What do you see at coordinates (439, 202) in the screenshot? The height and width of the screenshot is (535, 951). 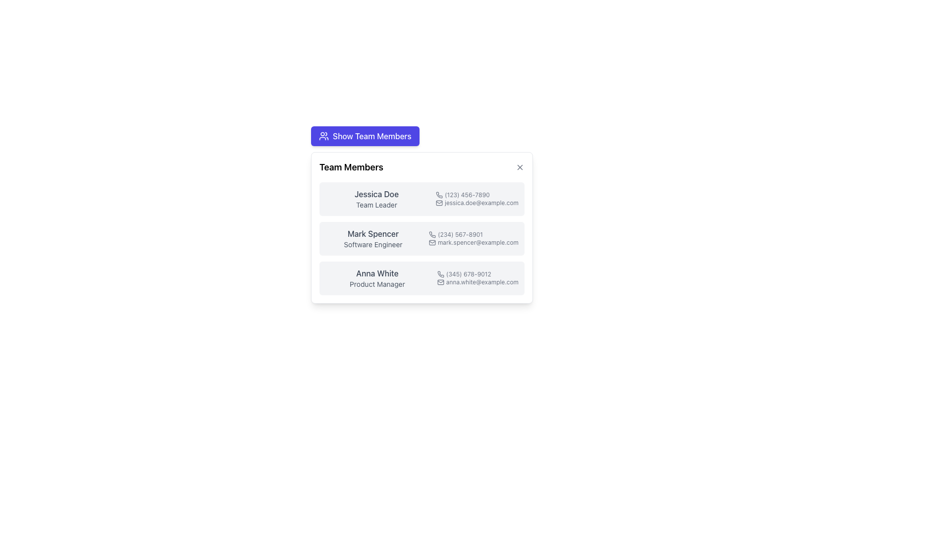 I see `the envelope icon representing email located next to Jessica Doe's email address in the 'Team Members' dialog` at bounding box center [439, 202].